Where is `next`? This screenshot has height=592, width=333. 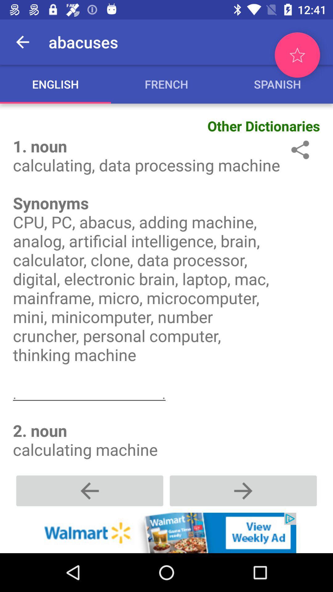
next is located at coordinates (243, 490).